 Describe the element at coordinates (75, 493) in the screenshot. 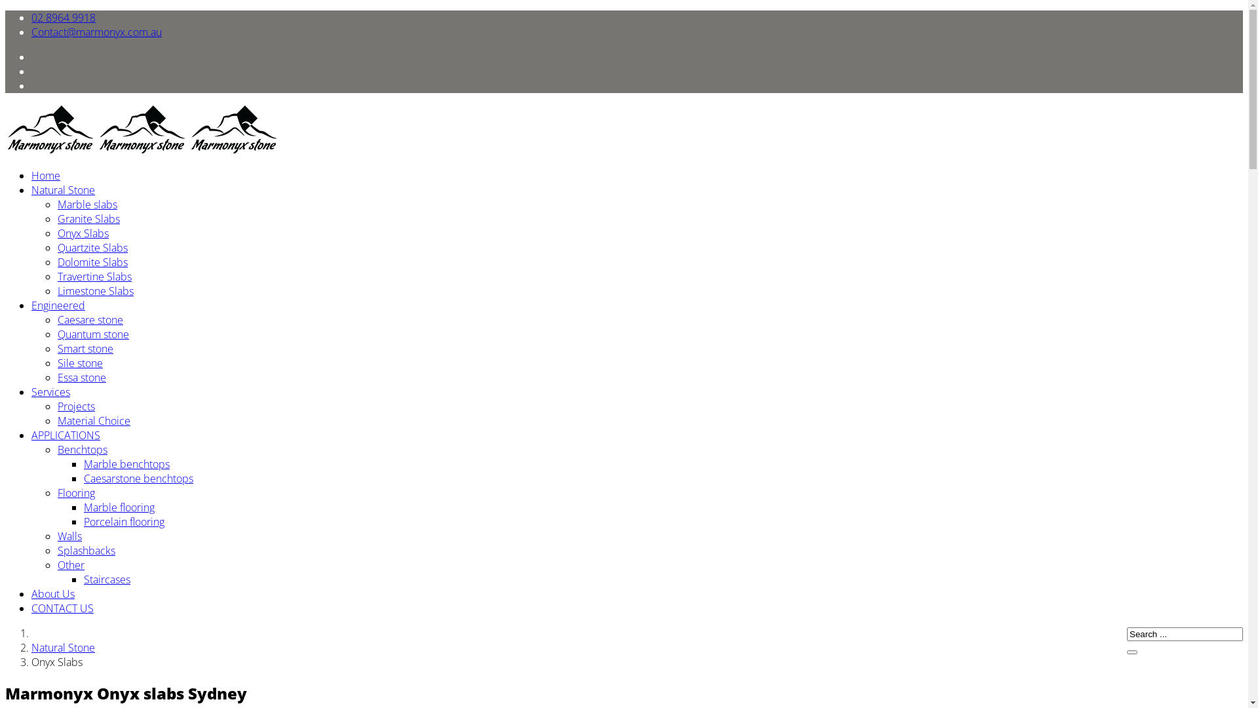

I see `'Flooring'` at that location.